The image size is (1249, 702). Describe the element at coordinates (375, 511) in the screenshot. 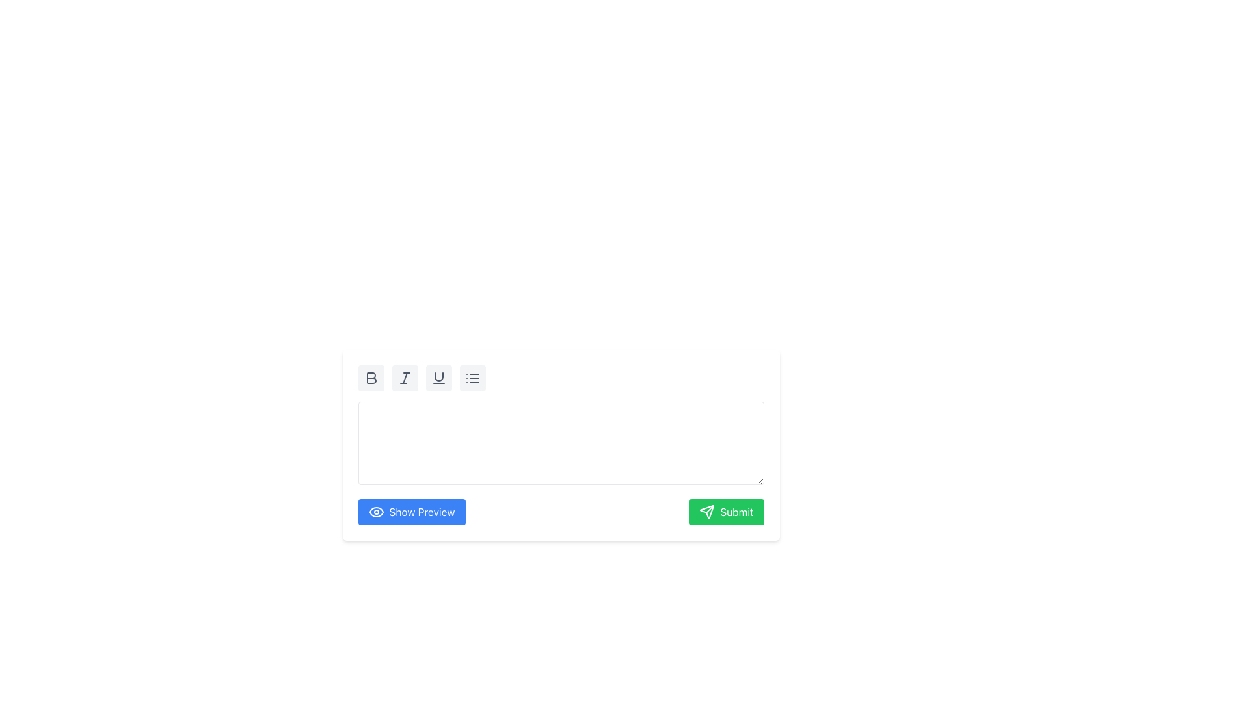

I see `the eye icon that visually represents the 'Show Preview' button, located immediately to the left of the button's text` at that location.